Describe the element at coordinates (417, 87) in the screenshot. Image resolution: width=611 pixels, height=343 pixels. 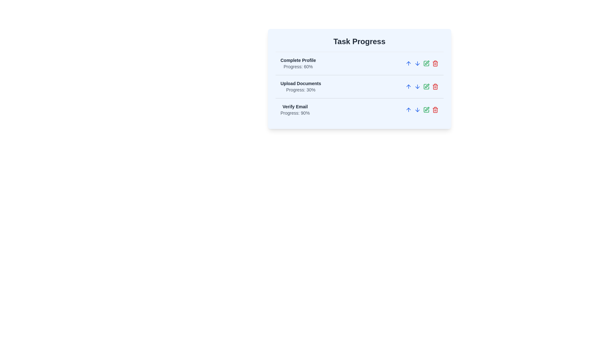
I see `the downward-pointing blue arrow icon next to the upload documents action` at that location.